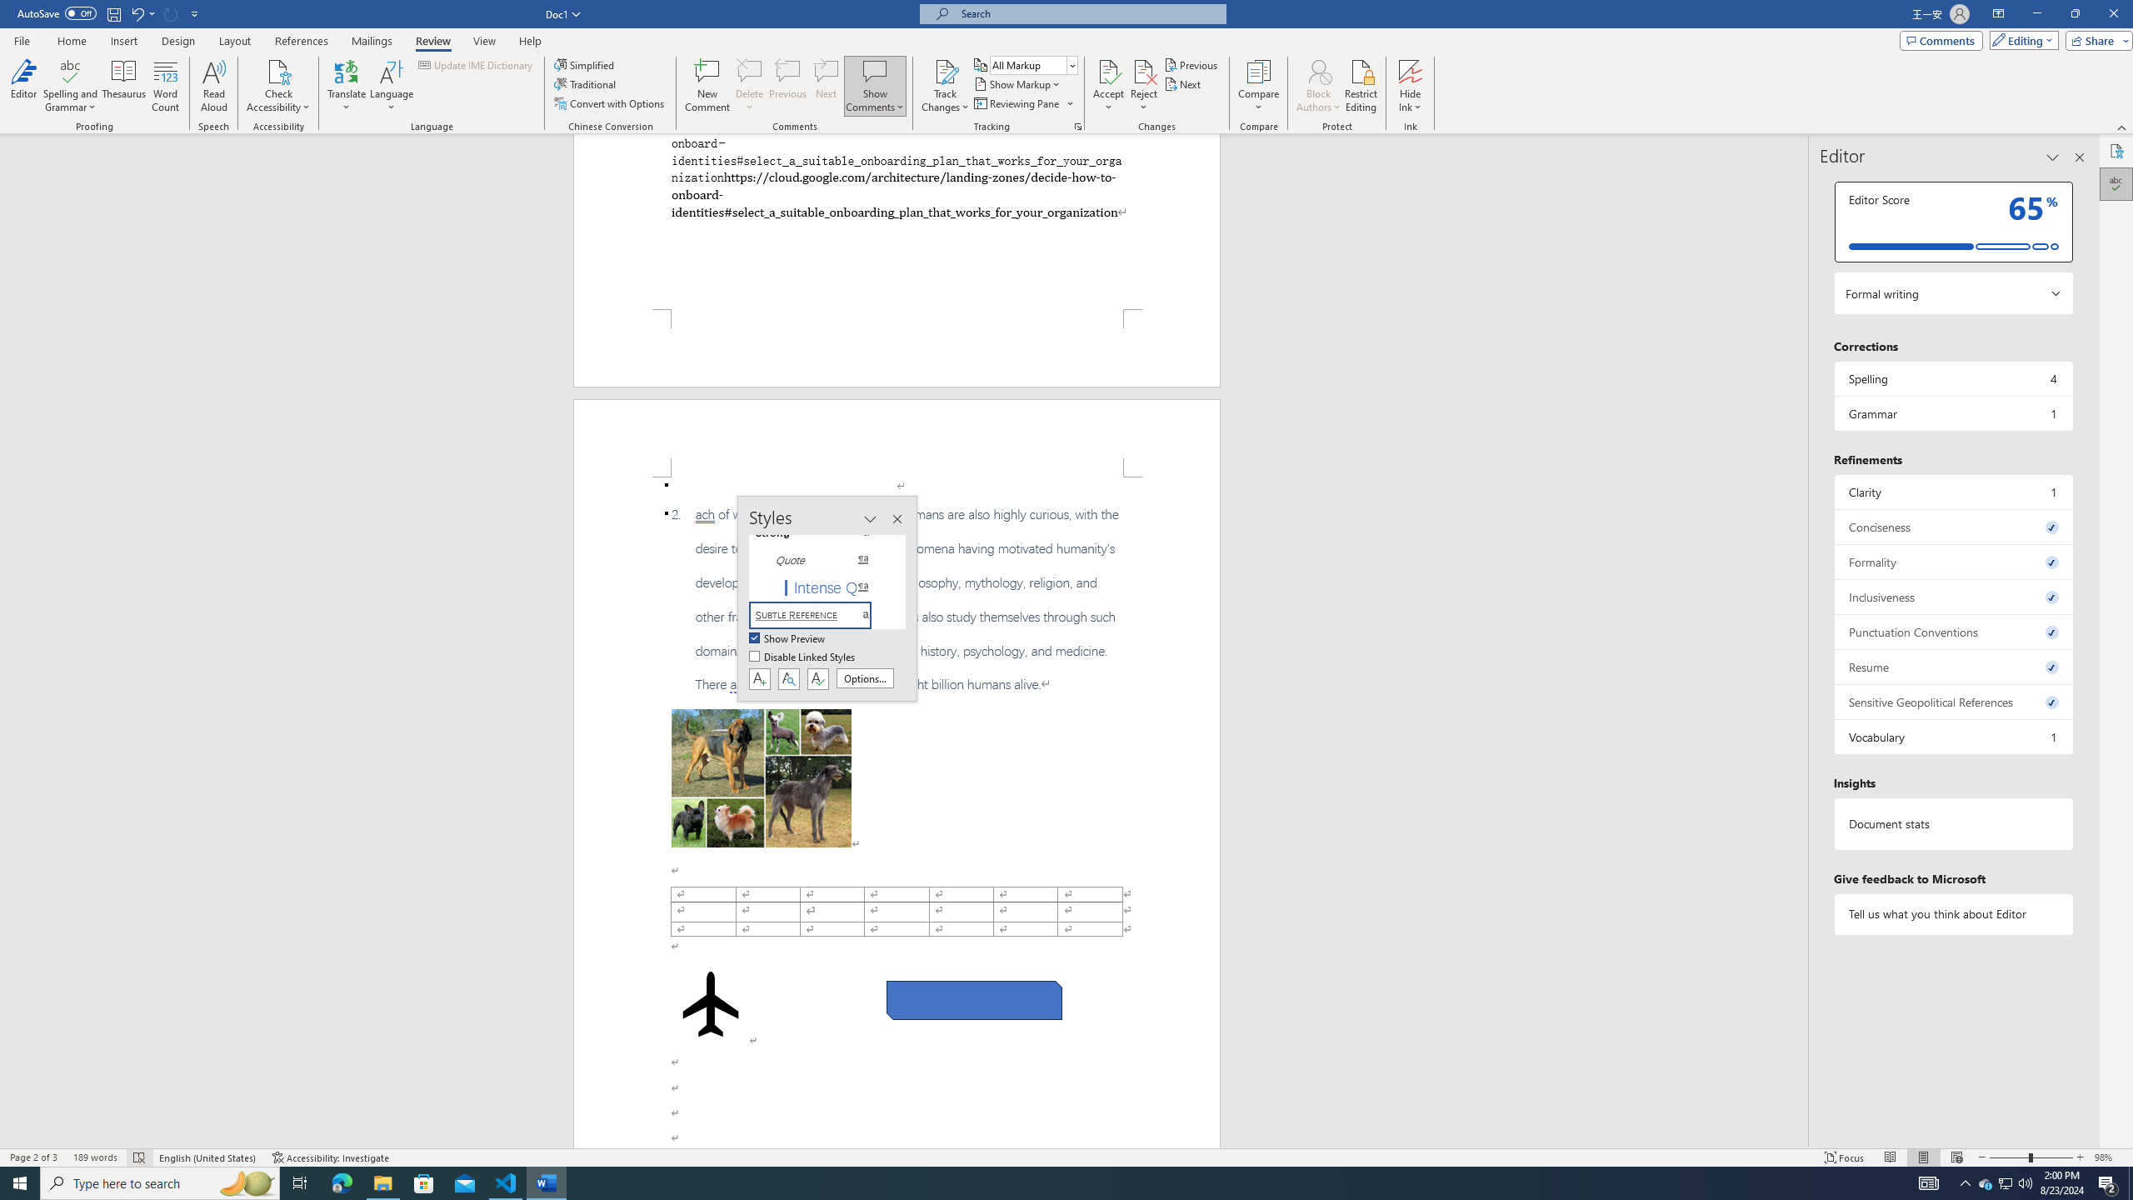 This screenshot has height=1200, width=2133. What do you see at coordinates (1017, 102) in the screenshot?
I see `'Reviewing Pane'` at bounding box center [1017, 102].